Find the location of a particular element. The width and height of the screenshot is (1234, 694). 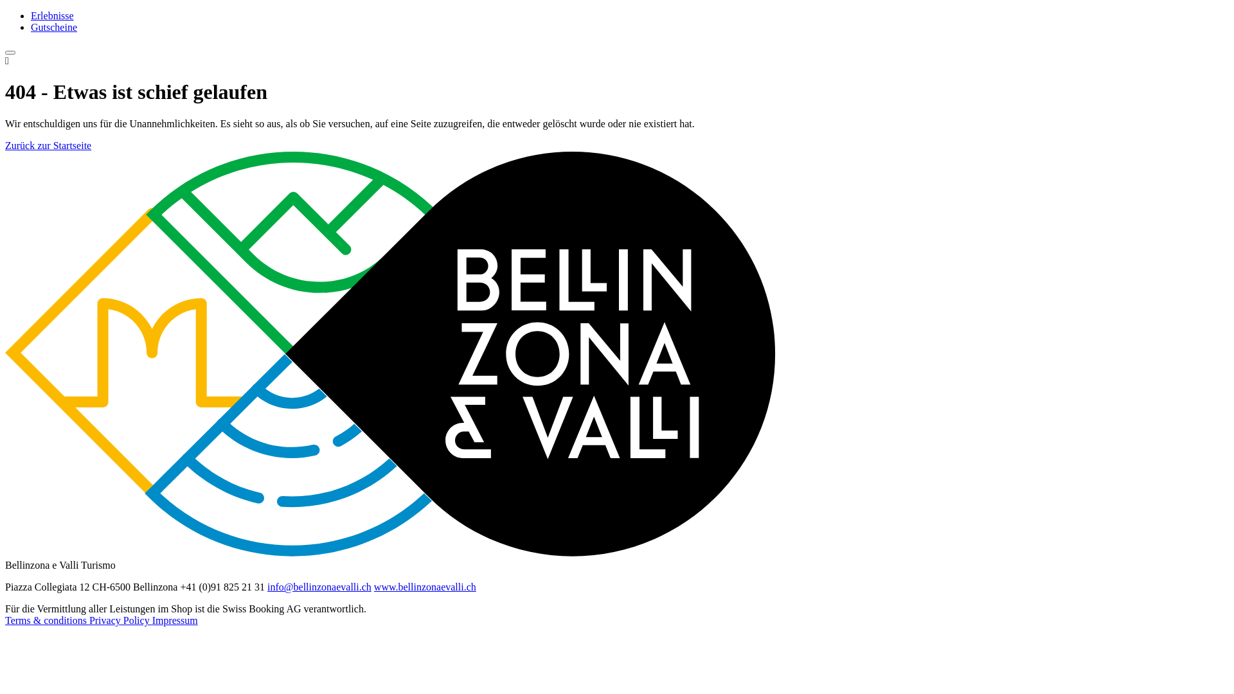

'www.bellinzonaevalli.ch' is located at coordinates (425, 587).